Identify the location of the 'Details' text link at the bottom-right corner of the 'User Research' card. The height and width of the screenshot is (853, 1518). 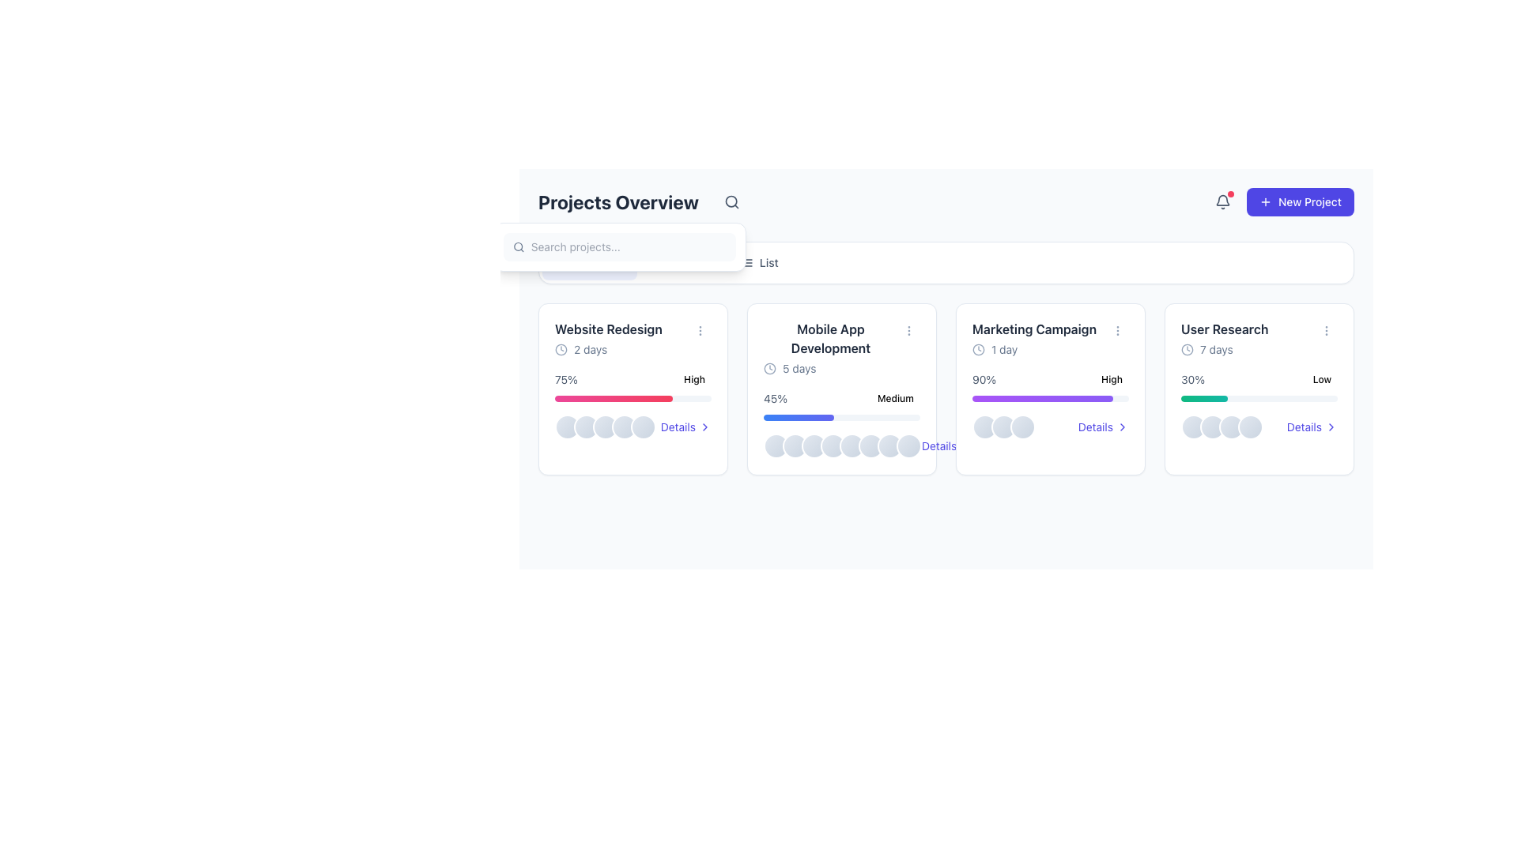
(1304, 426).